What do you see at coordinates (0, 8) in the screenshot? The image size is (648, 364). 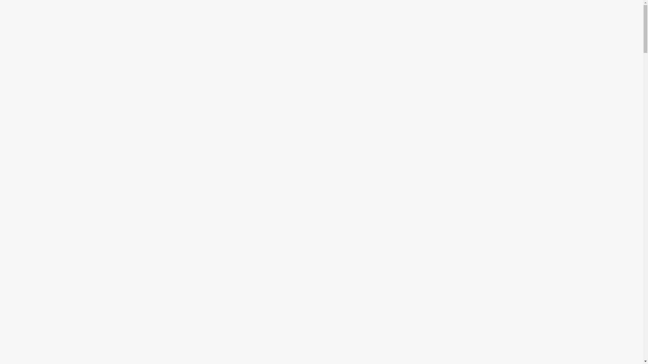 I see `'Suche'` at bounding box center [0, 8].